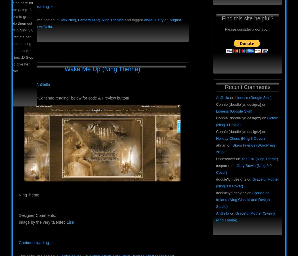 The height and width of the screenshot is (256, 298). Describe the element at coordinates (102, 69) in the screenshot. I see `'Wake Me Up (Ning Theme)'` at that location.